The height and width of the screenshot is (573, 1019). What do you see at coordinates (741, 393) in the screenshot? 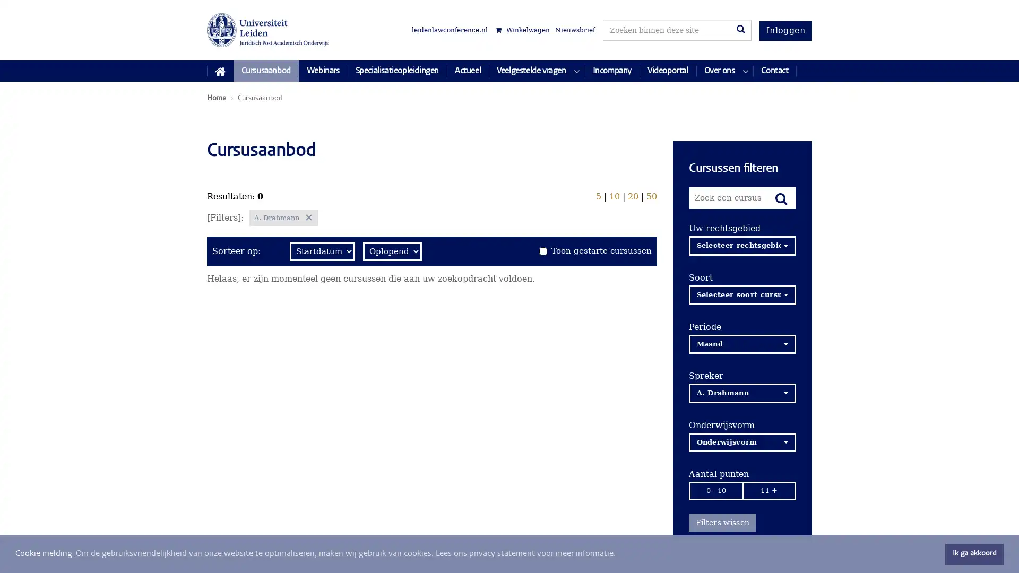
I see `A. Drahmann` at bounding box center [741, 393].